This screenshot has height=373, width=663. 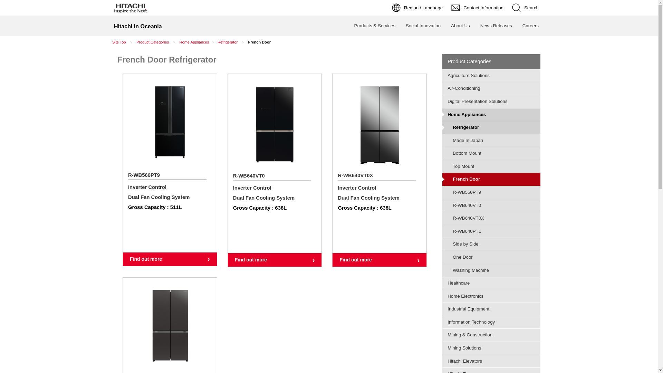 I want to click on 'Healthcare', so click(x=442, y=283).